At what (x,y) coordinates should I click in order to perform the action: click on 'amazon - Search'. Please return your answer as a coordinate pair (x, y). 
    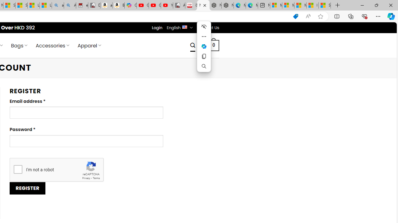
    Looking at the image, I should click on (58, 5).